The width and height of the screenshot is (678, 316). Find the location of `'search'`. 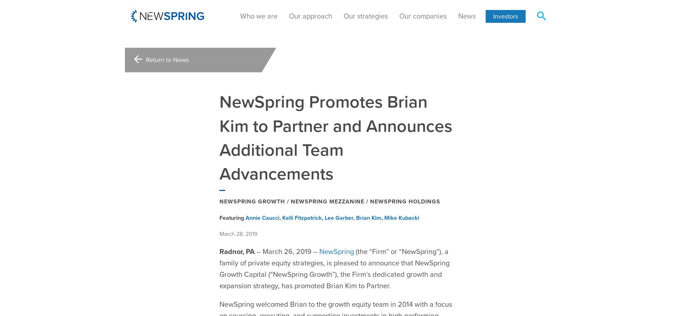

'search' is located at coordinates (541, 16).